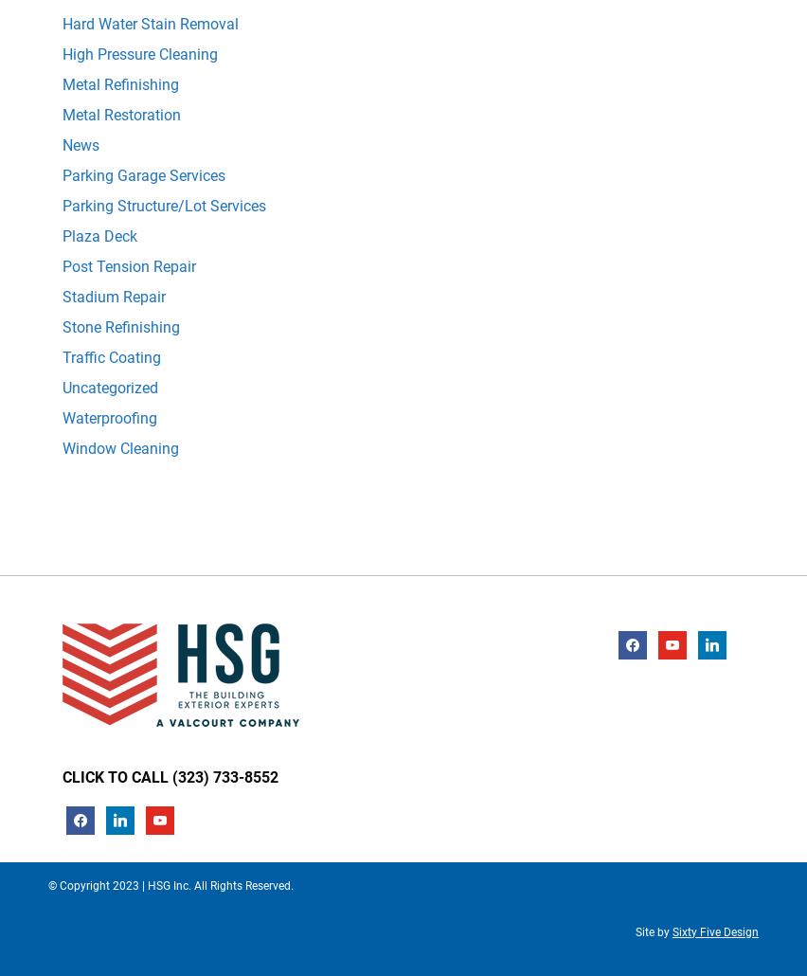 This screenshot has width=807, height=976. Describe the element at coordinates (110, 387) in the screenshot. I see `'Uncategorized'` at that location.